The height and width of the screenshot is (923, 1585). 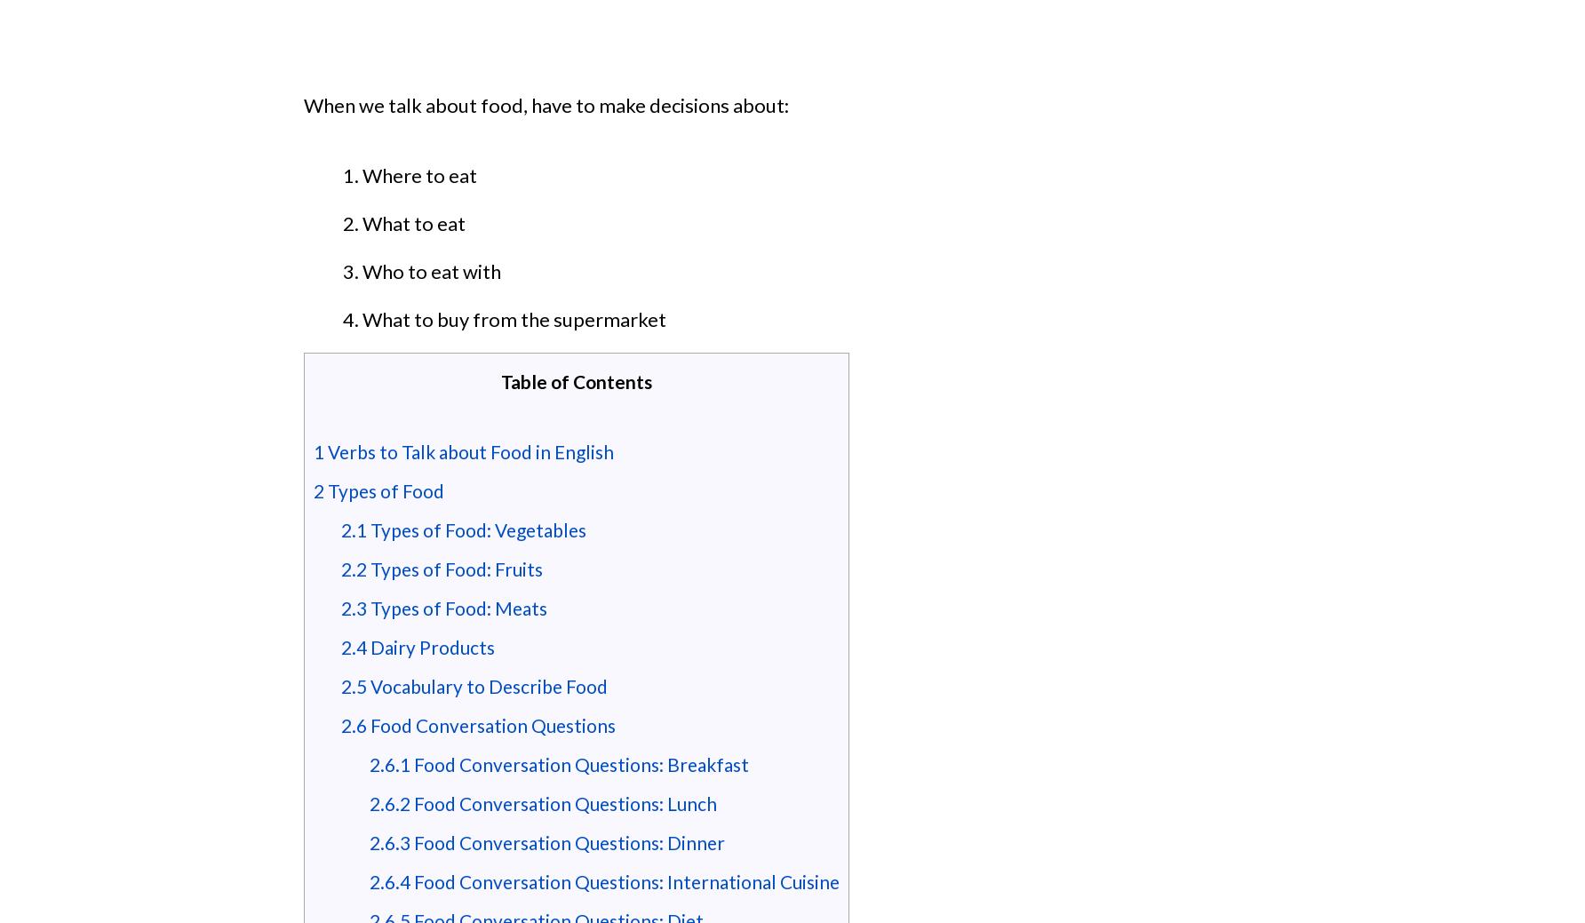 What do you see at coordinates (487, 685) in the screenshot?
I see `'Vocabulary to Describe Food'` at bounding box center [487, 685].